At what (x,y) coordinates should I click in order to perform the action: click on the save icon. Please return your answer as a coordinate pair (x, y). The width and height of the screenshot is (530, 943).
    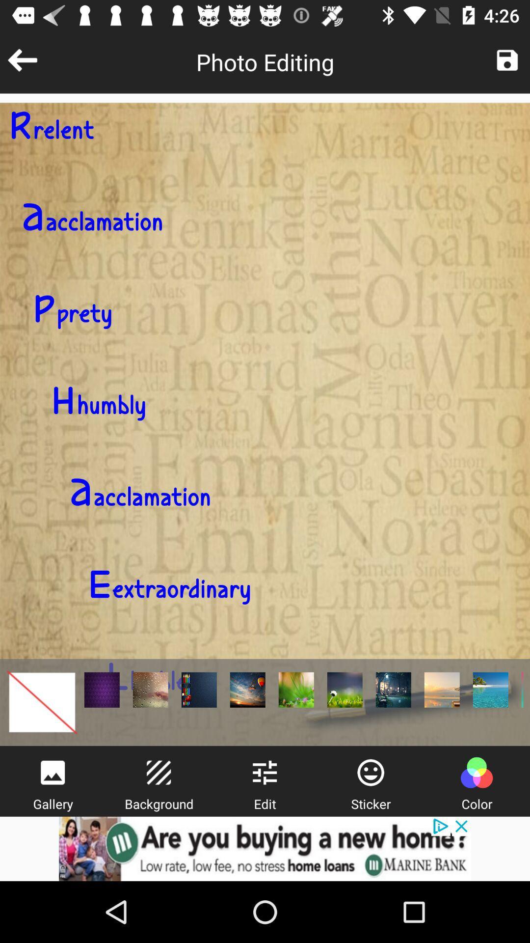
    Looking at the image, I should click on (507, 59).